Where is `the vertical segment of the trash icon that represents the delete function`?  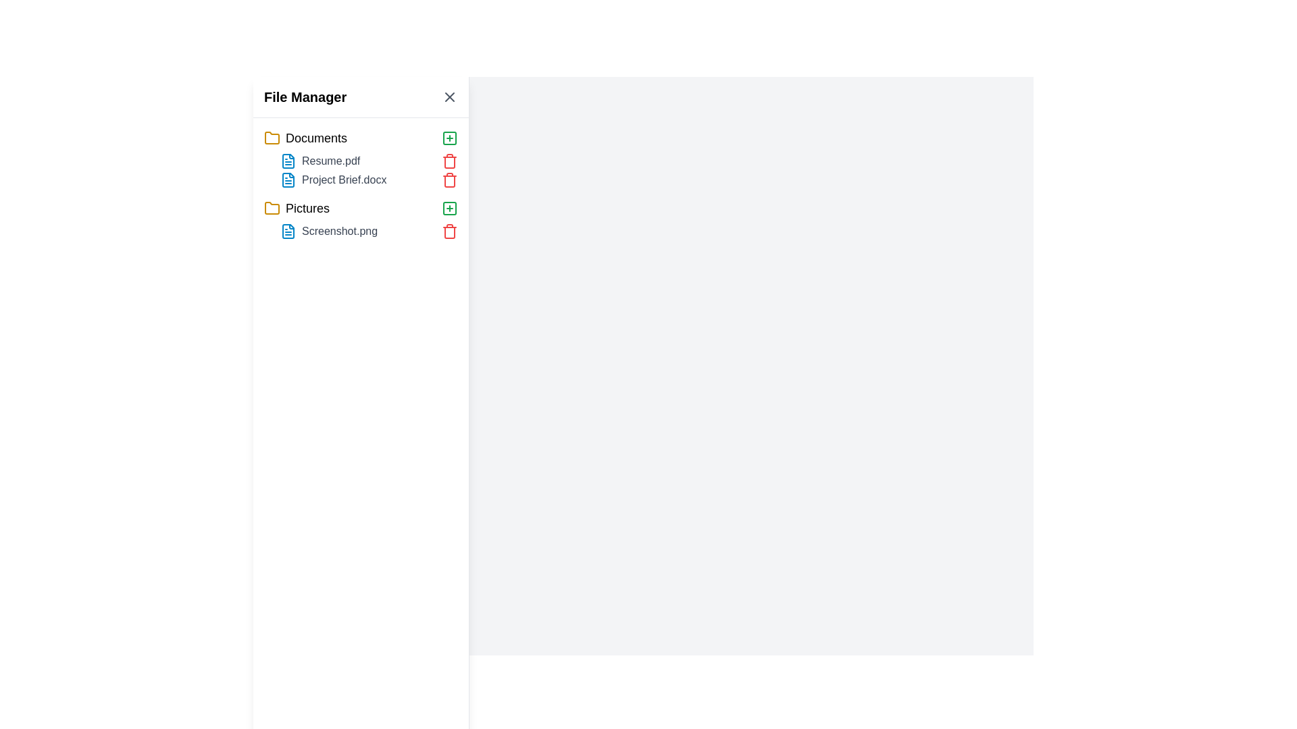
the vertical segment of the trash icon that represents the delete function is located at coordinates (450, 181).